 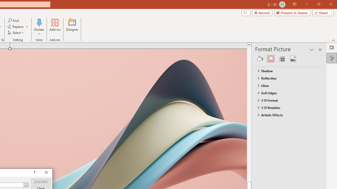 What do you see at coordinates (260, 59) in the screenshot?
I see `'Fill & Line'` at bounding box center [260, 59].